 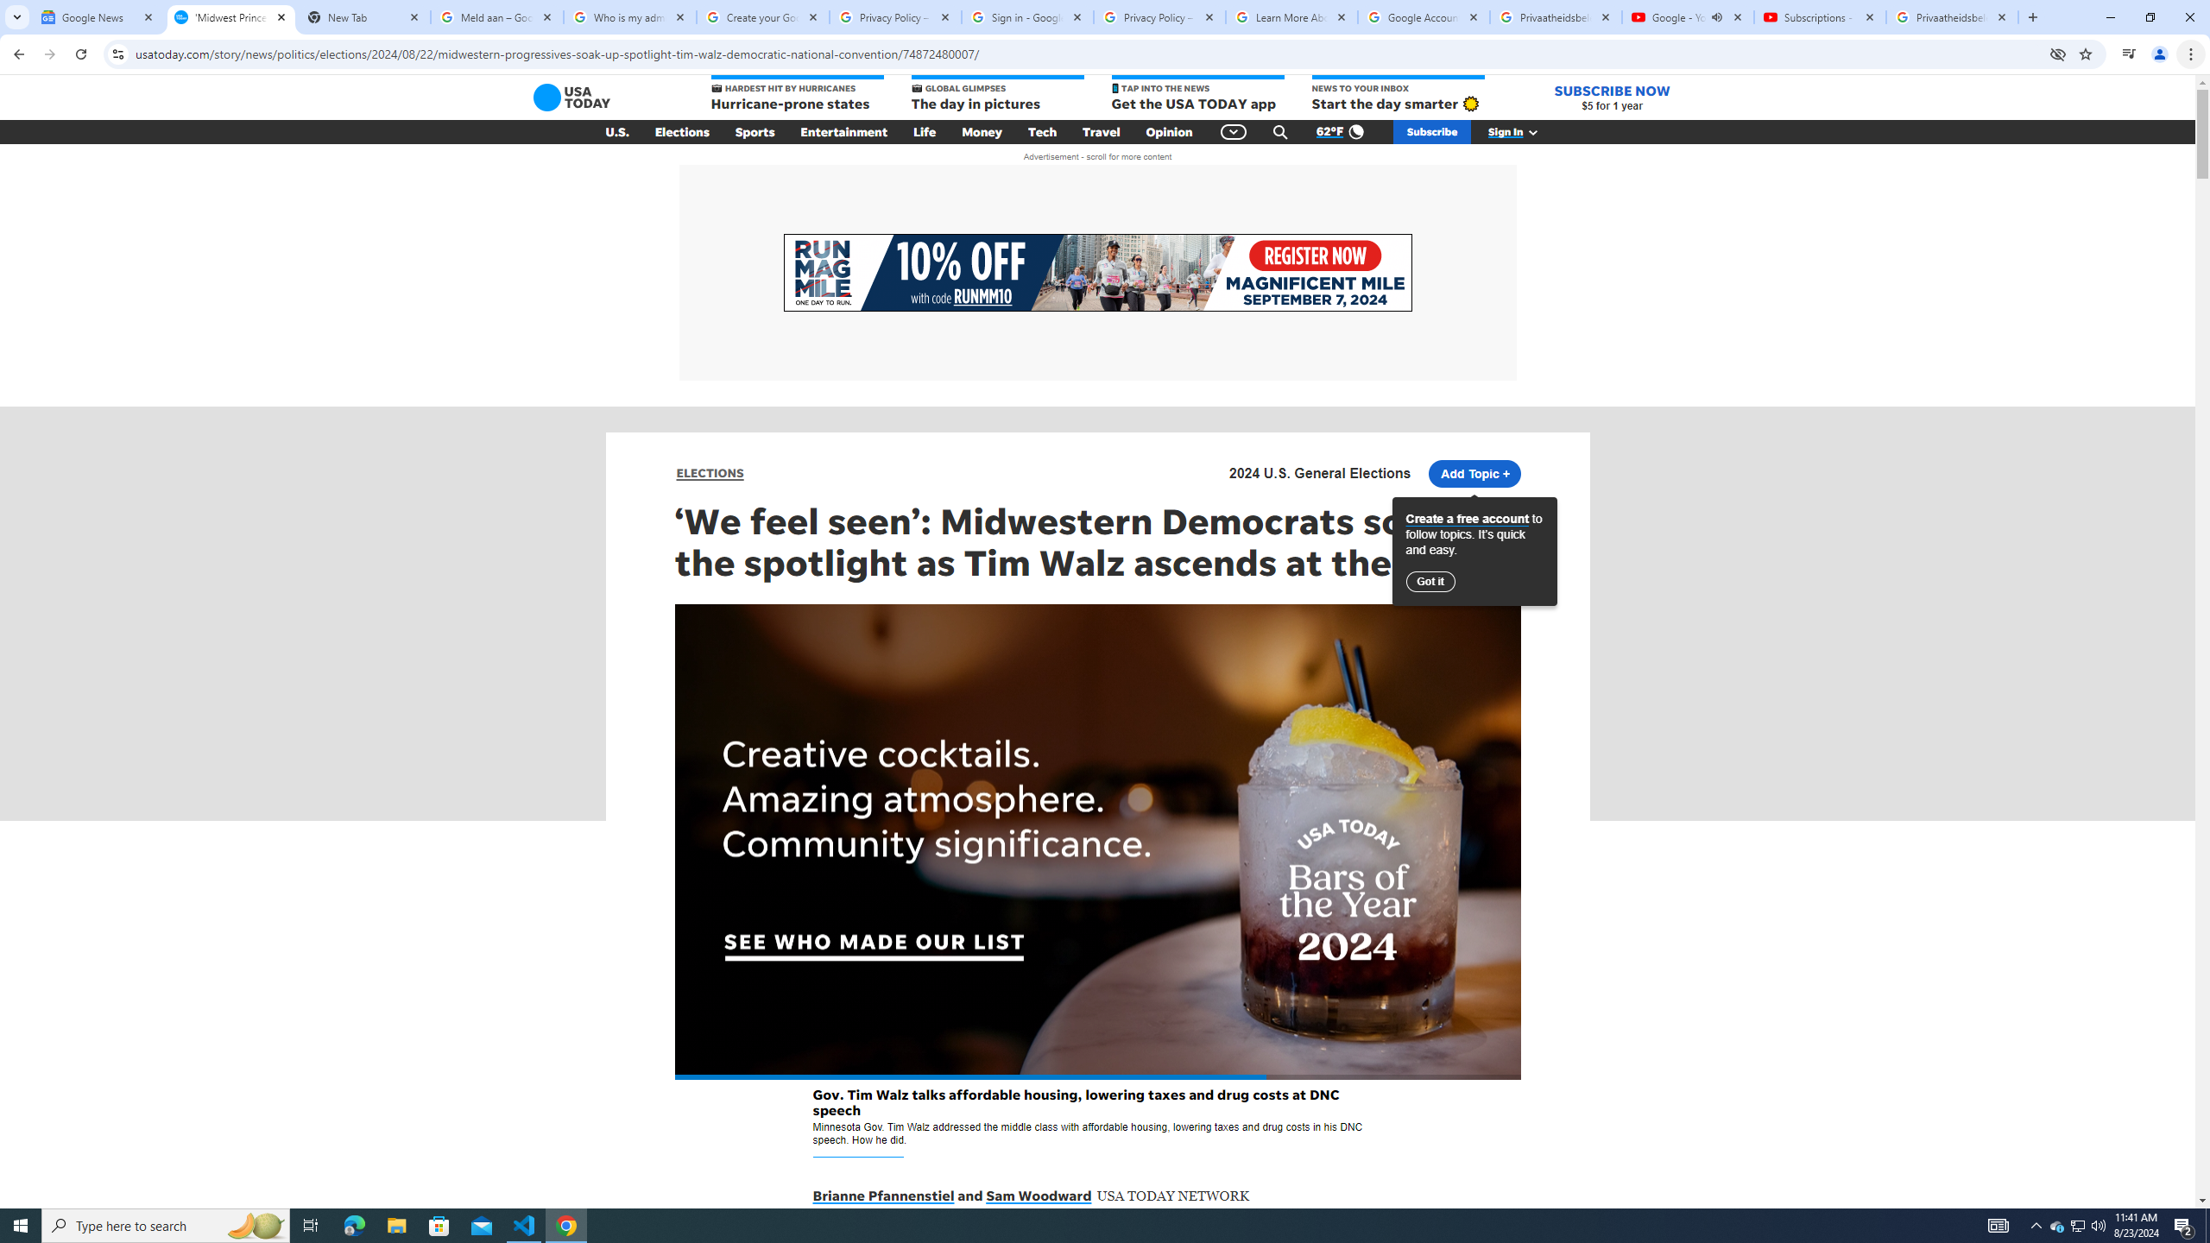 I want to click on 'Sign in - Google Accounts', so click(x=1027, y=16).